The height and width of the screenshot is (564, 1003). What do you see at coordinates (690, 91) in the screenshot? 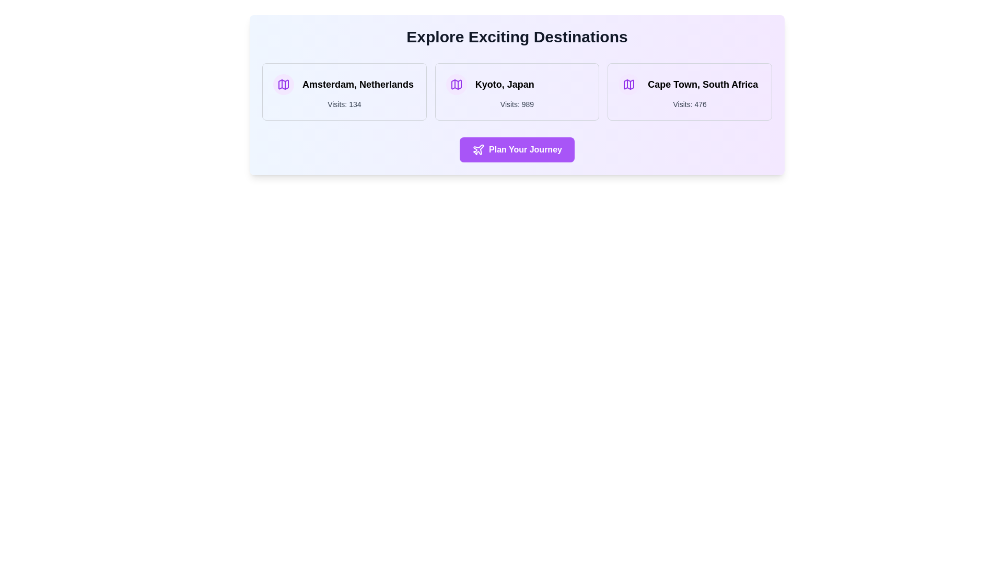
I see `the travel destination card for Cape Town, South Africa` at bounding box center [690, 91].